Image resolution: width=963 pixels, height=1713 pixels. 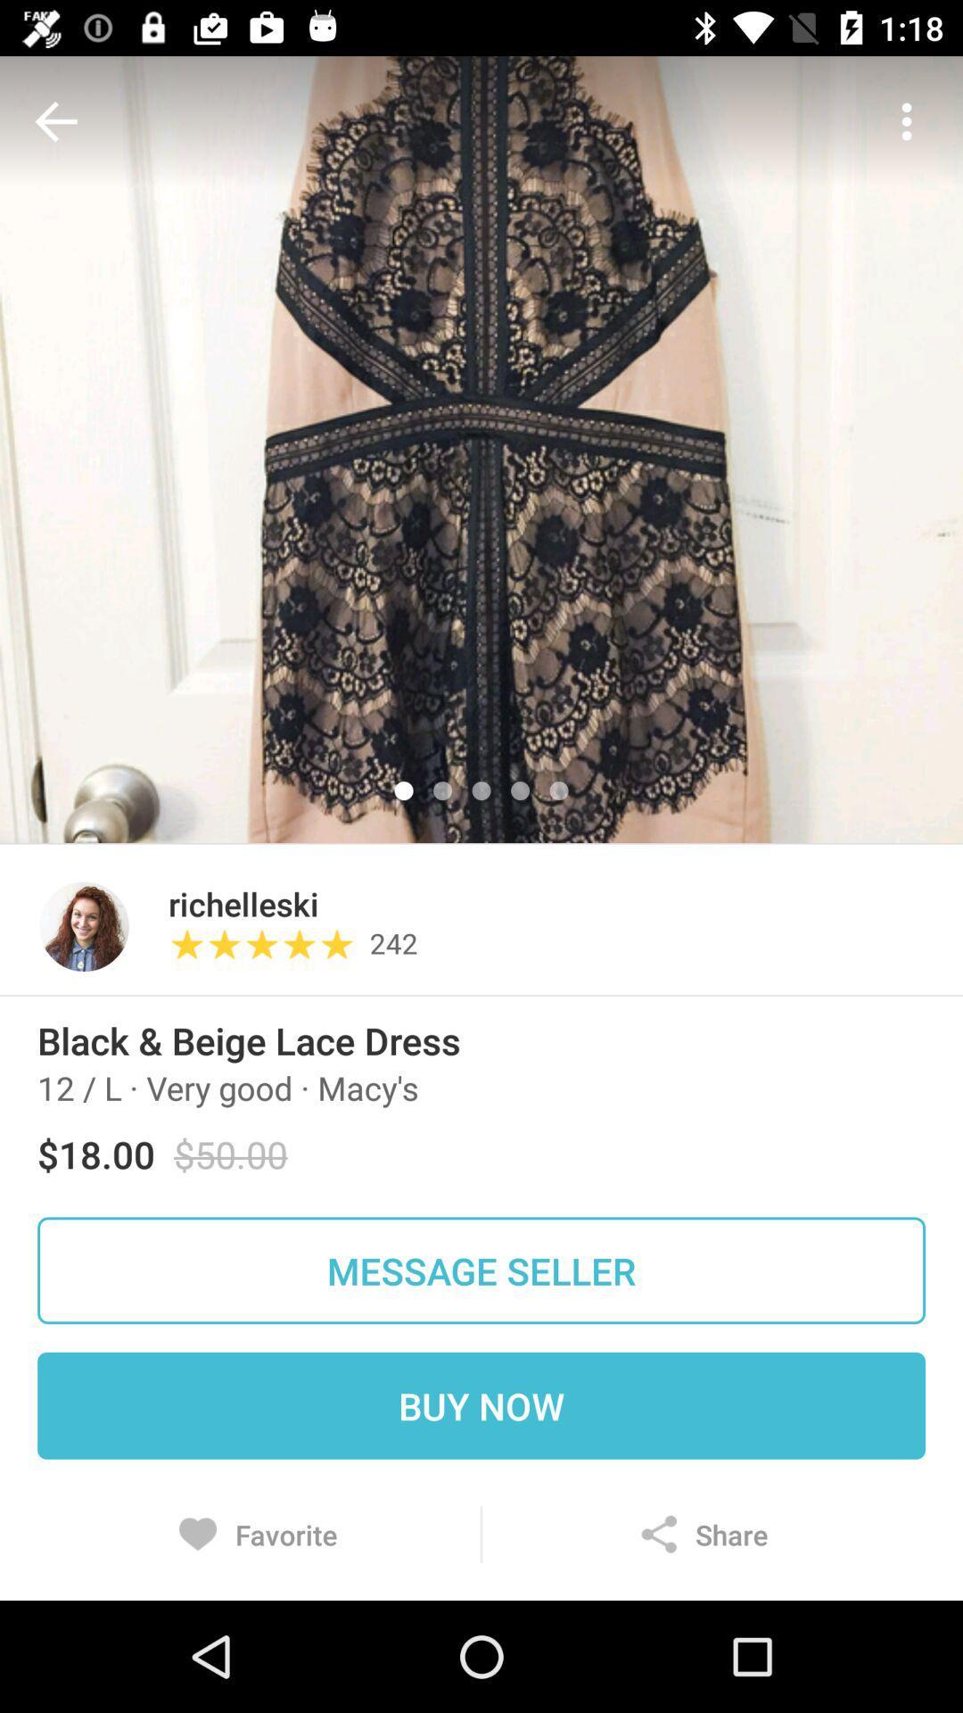 What do you see at coordinates (84, 926) in the screenshot?
I see `the icon to the left of the richelleski` at bounding box center [84, 926].